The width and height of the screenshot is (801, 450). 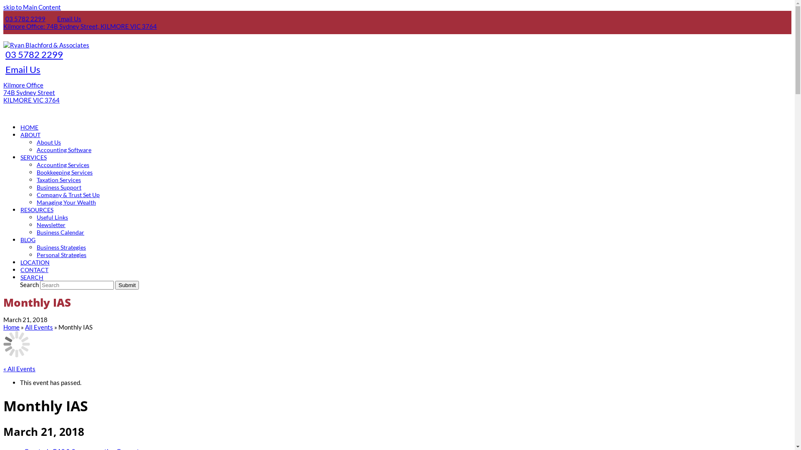 What do you see at coordinates (33, 157) in the screenshot?
I see `'SERVICES'` at bounding box center [33, 157].